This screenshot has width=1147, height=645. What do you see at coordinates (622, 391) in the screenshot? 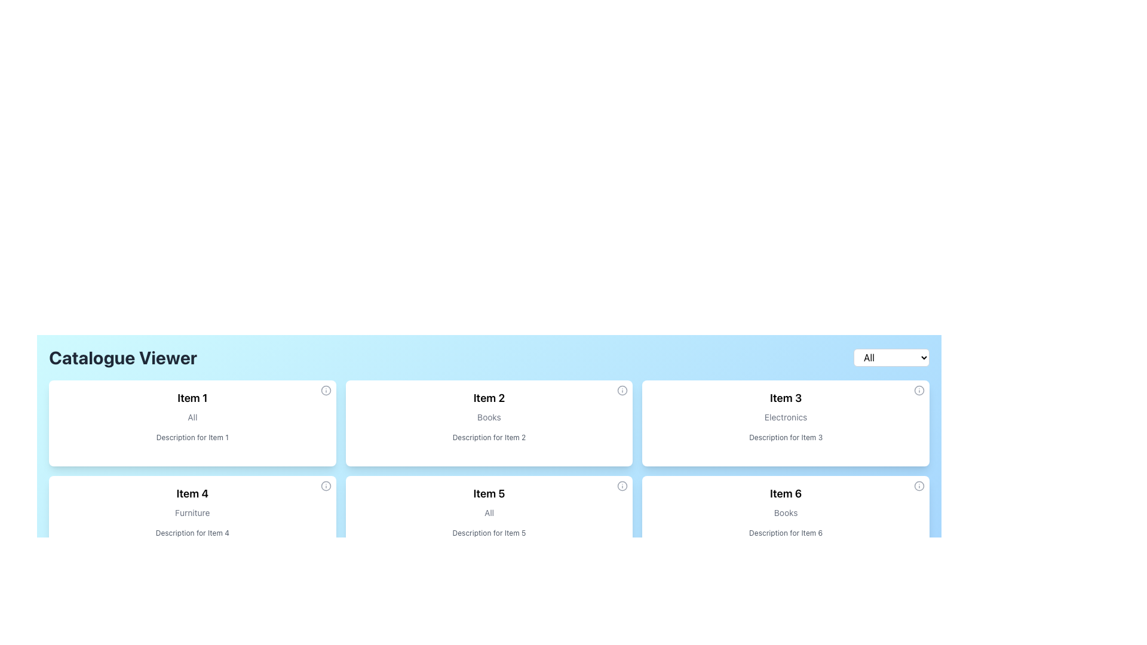
I see `the visual state of the circular graphical indicator located at the top-right corner of the card labeled 'Item 2'` at bounding box center [622, 391].